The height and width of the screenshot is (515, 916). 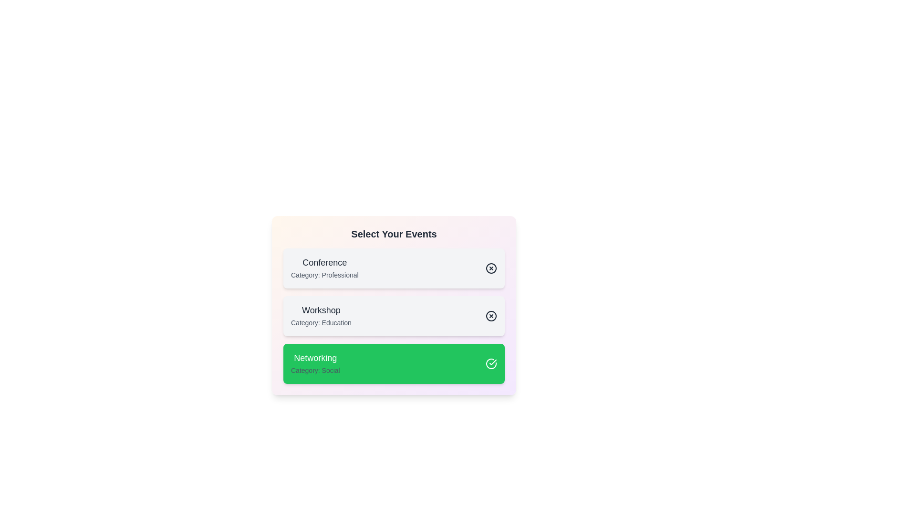 What do you see at coordinates (394, 316) in the screenshot?
I see `the event Workshop` at bounding box center [394, 316].